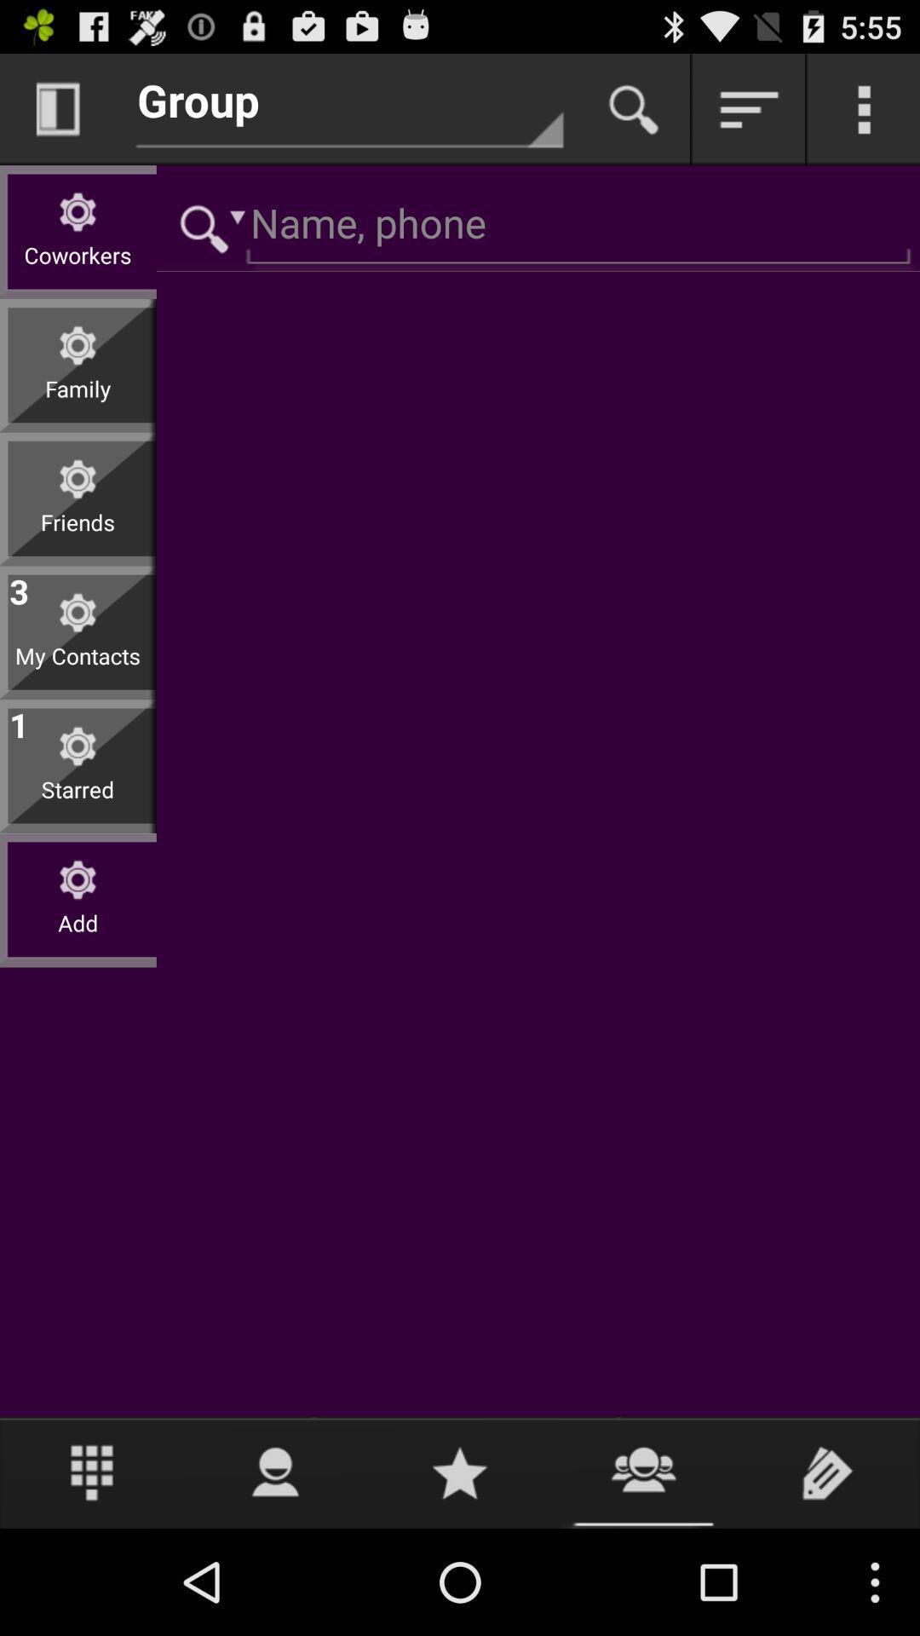  I want to click on item above 1, so click(78, 668).